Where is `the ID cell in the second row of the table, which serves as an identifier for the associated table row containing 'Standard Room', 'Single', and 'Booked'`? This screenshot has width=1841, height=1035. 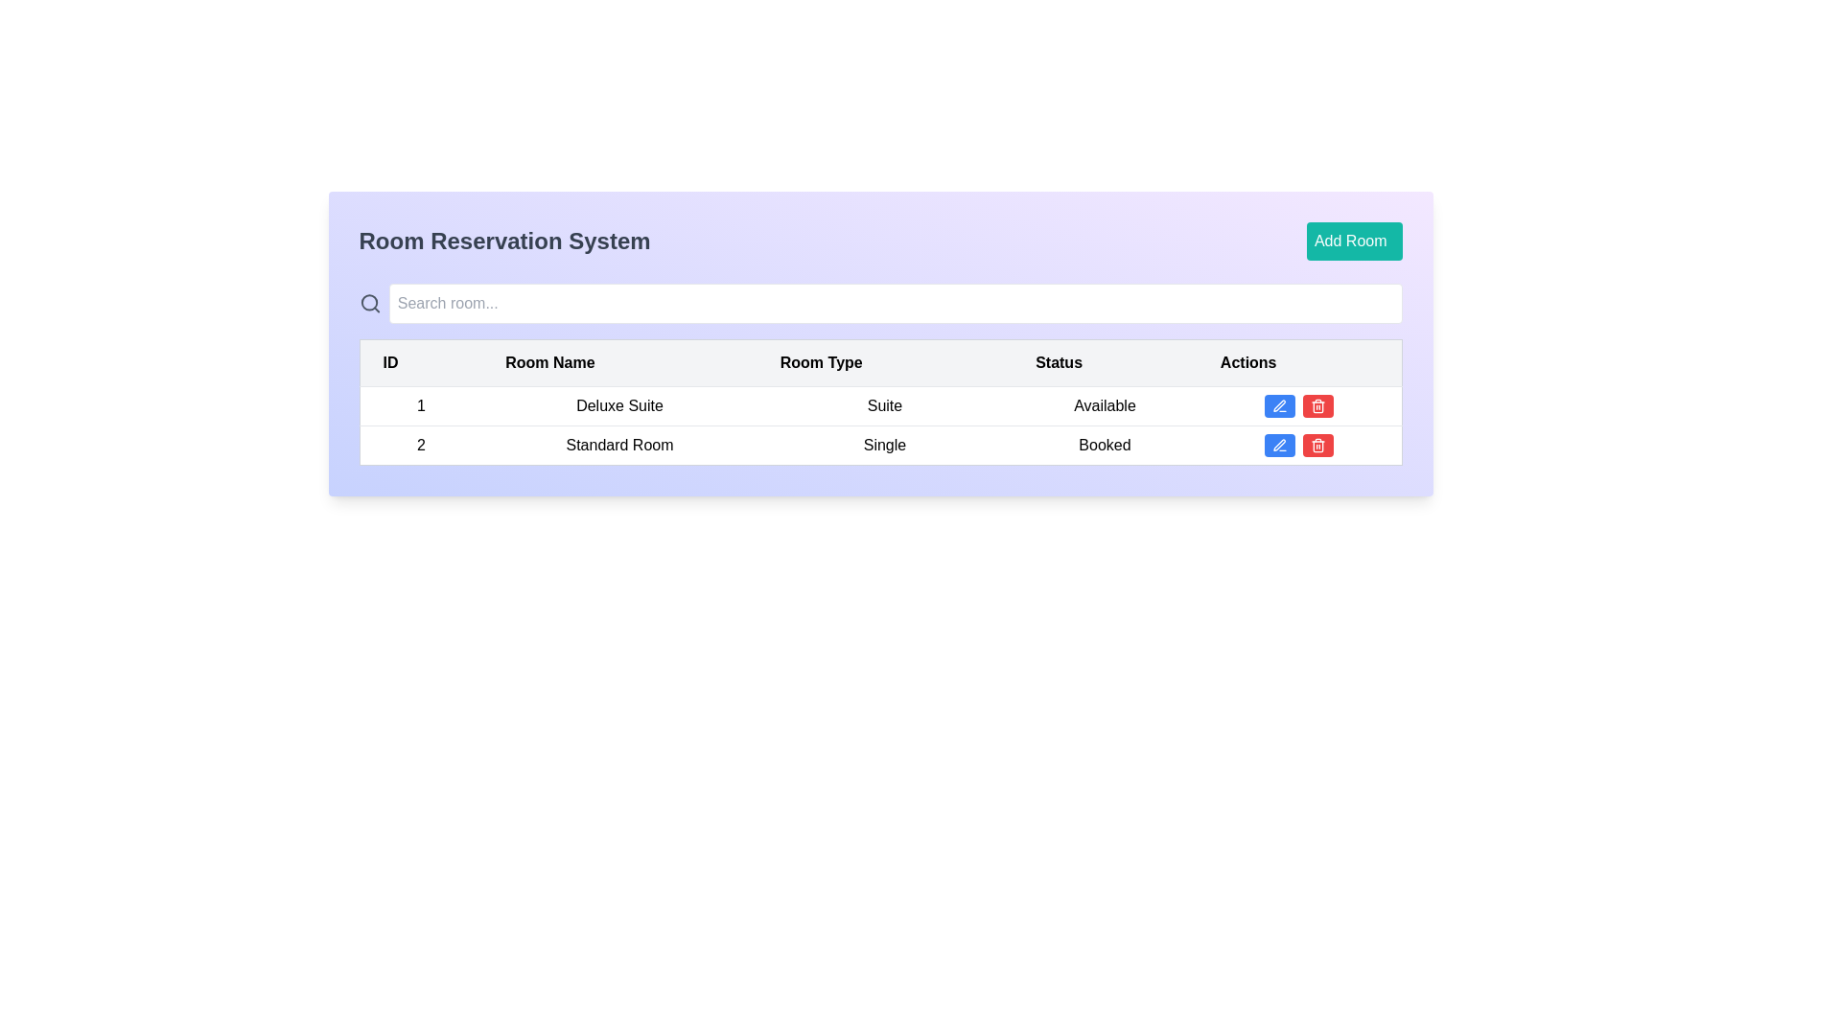 the ID cell in the second row of the table, which serves as an identifier for the associated table row containing 'Standard Room', 'Single', and 'Booked' is located at coordinates (420, 446).